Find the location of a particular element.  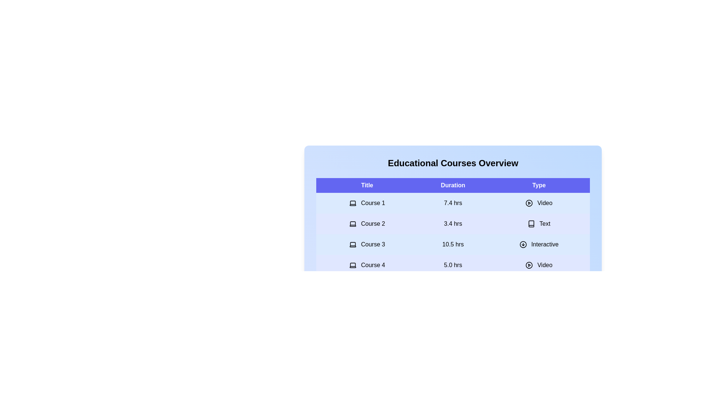

the row corresponding to the course title Course 4 is located at coordinates (367, 265).